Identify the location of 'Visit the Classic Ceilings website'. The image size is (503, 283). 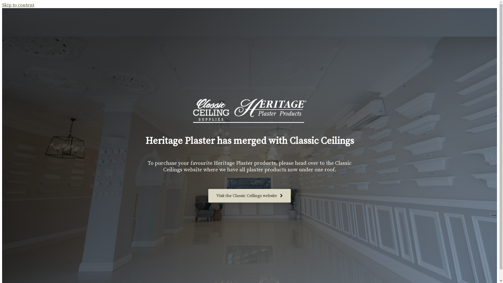
(249, 196).